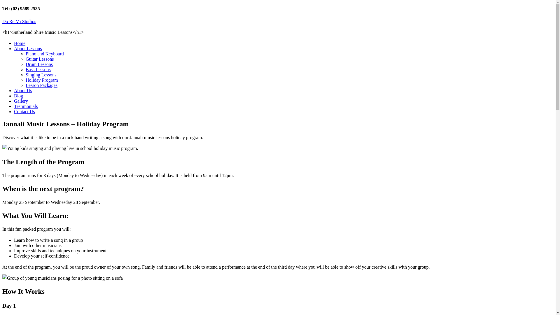  What do you see at coordinates (38, 69) in the screenshot?
I see `'Bass Lessons'` at bounding box center [38, 69].